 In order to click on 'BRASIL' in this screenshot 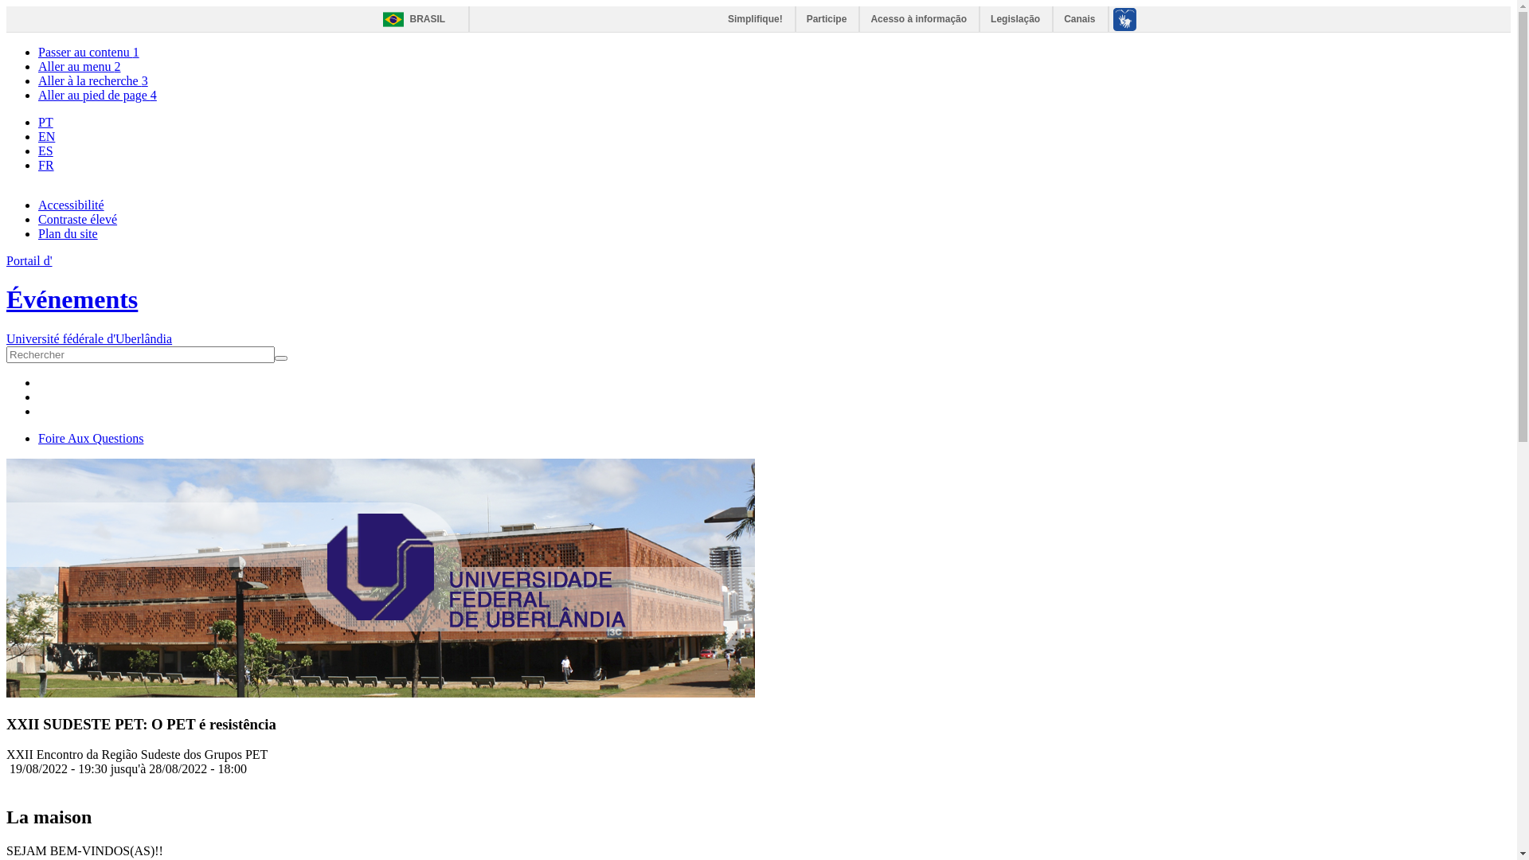, I will do `click(409, 19)`.